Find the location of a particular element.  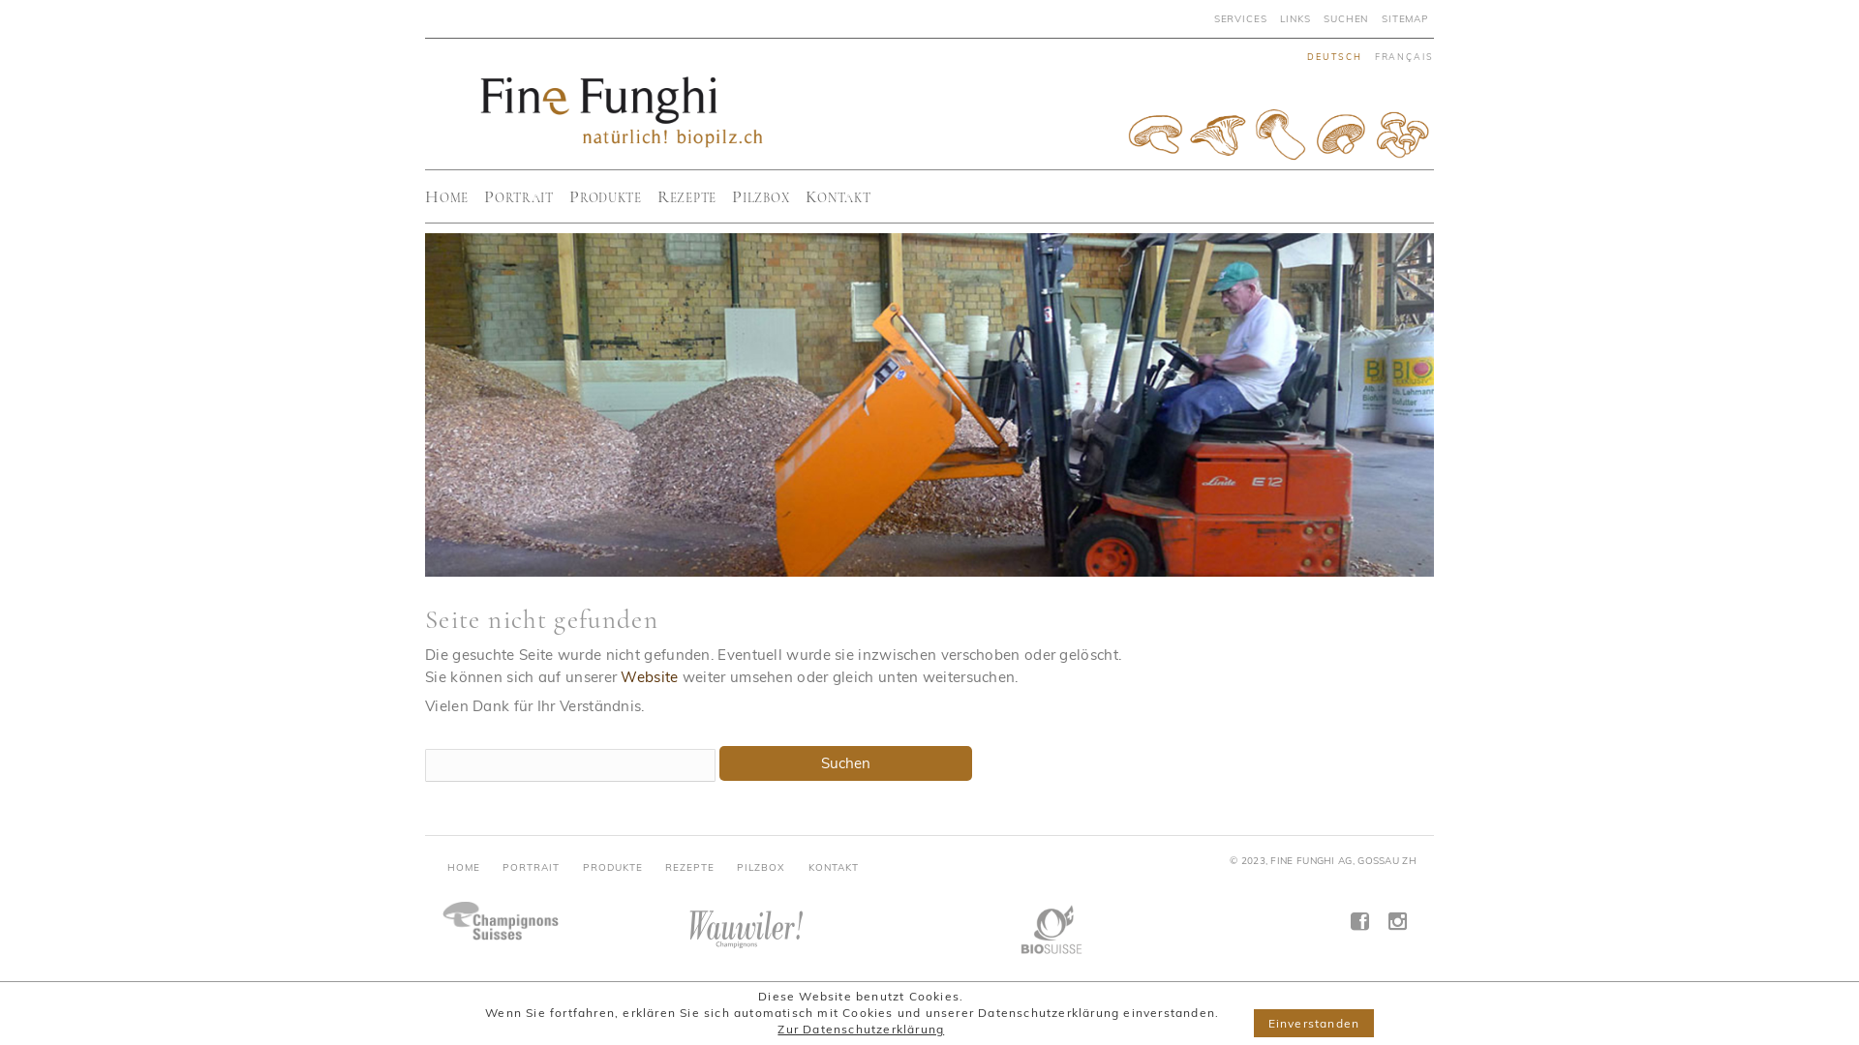

'deutsch' is located at coordinates (1299, 54).